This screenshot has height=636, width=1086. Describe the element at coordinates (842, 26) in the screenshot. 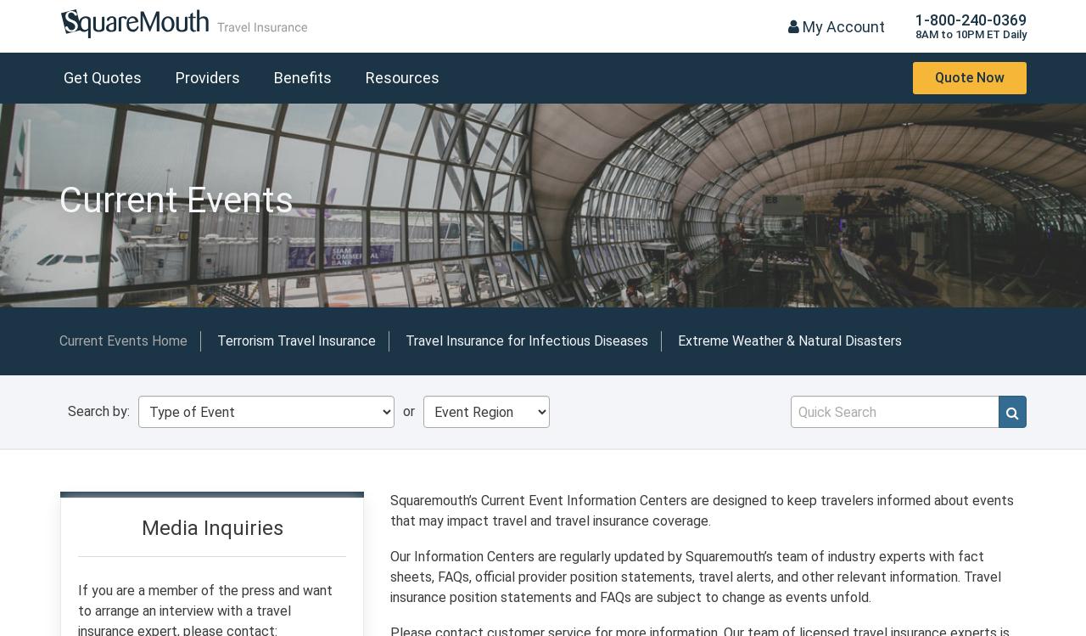

I see `'My Account'` at that location.